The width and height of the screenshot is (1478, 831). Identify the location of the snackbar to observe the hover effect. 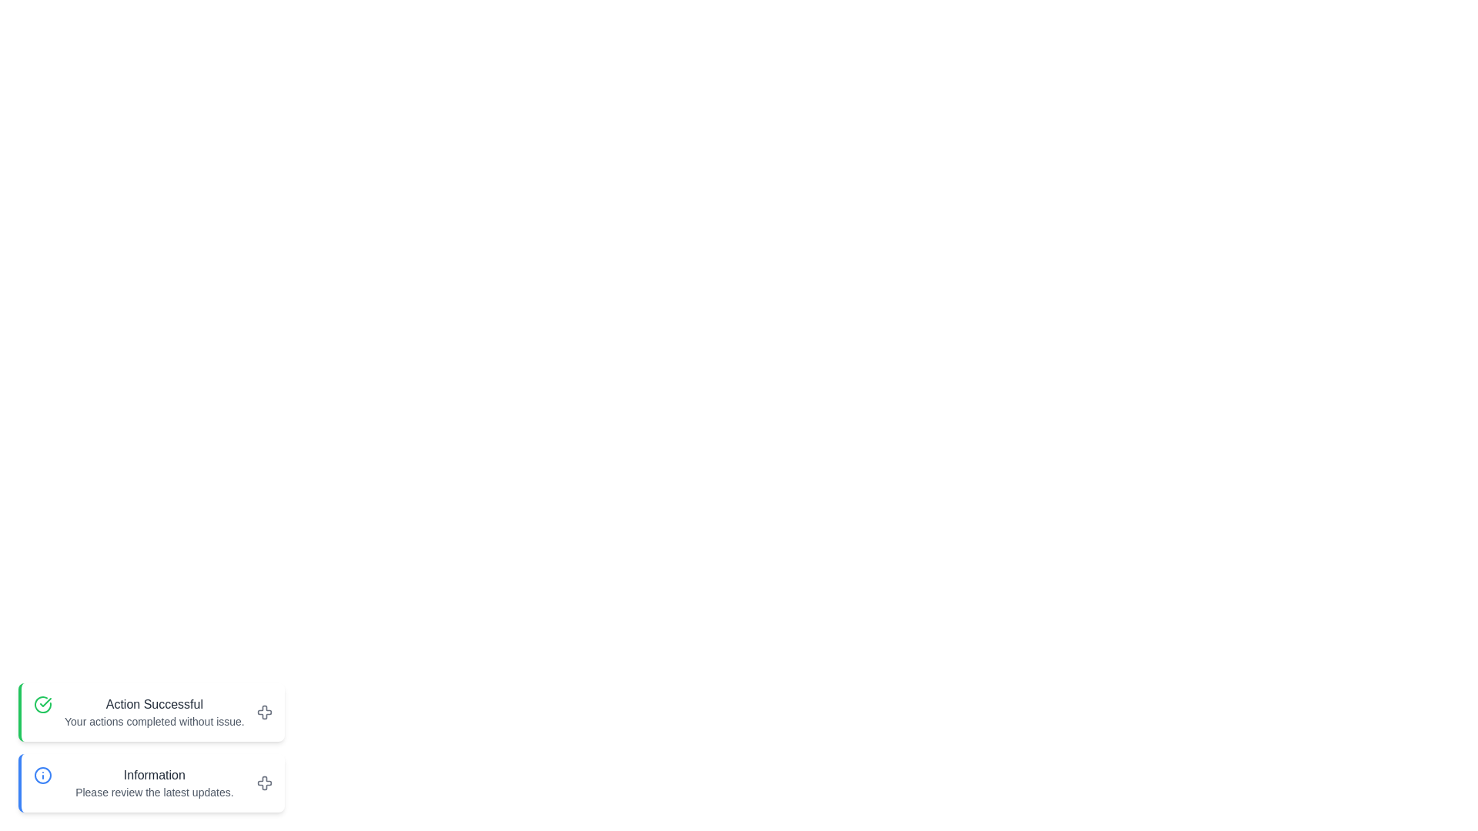
(151, 712).